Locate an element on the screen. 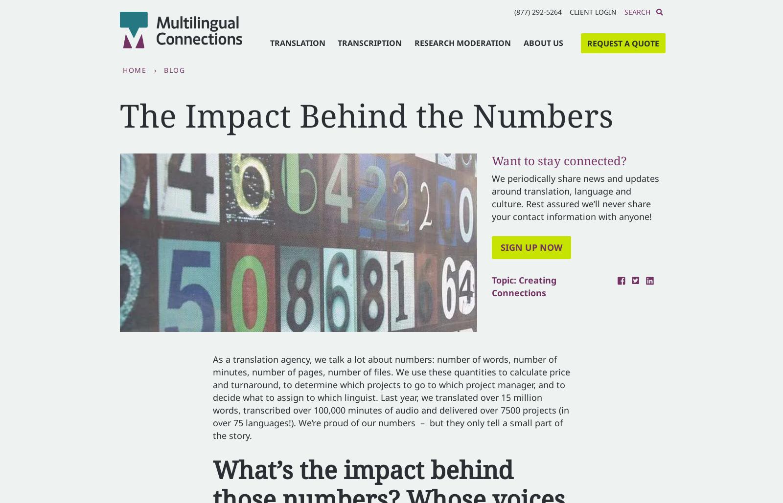  'Topic:' is located at coordinates (505, 280).